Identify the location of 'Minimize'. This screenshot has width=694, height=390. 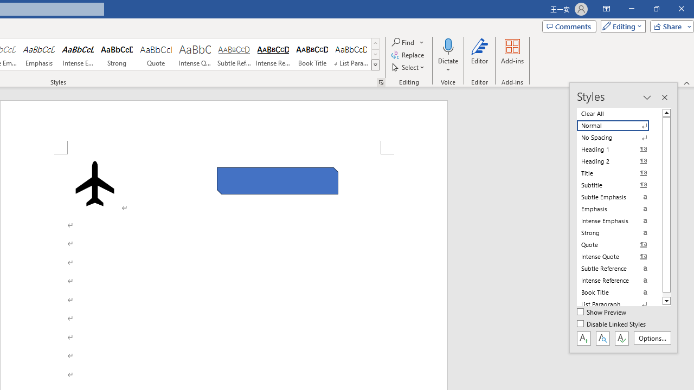
(631, 9).